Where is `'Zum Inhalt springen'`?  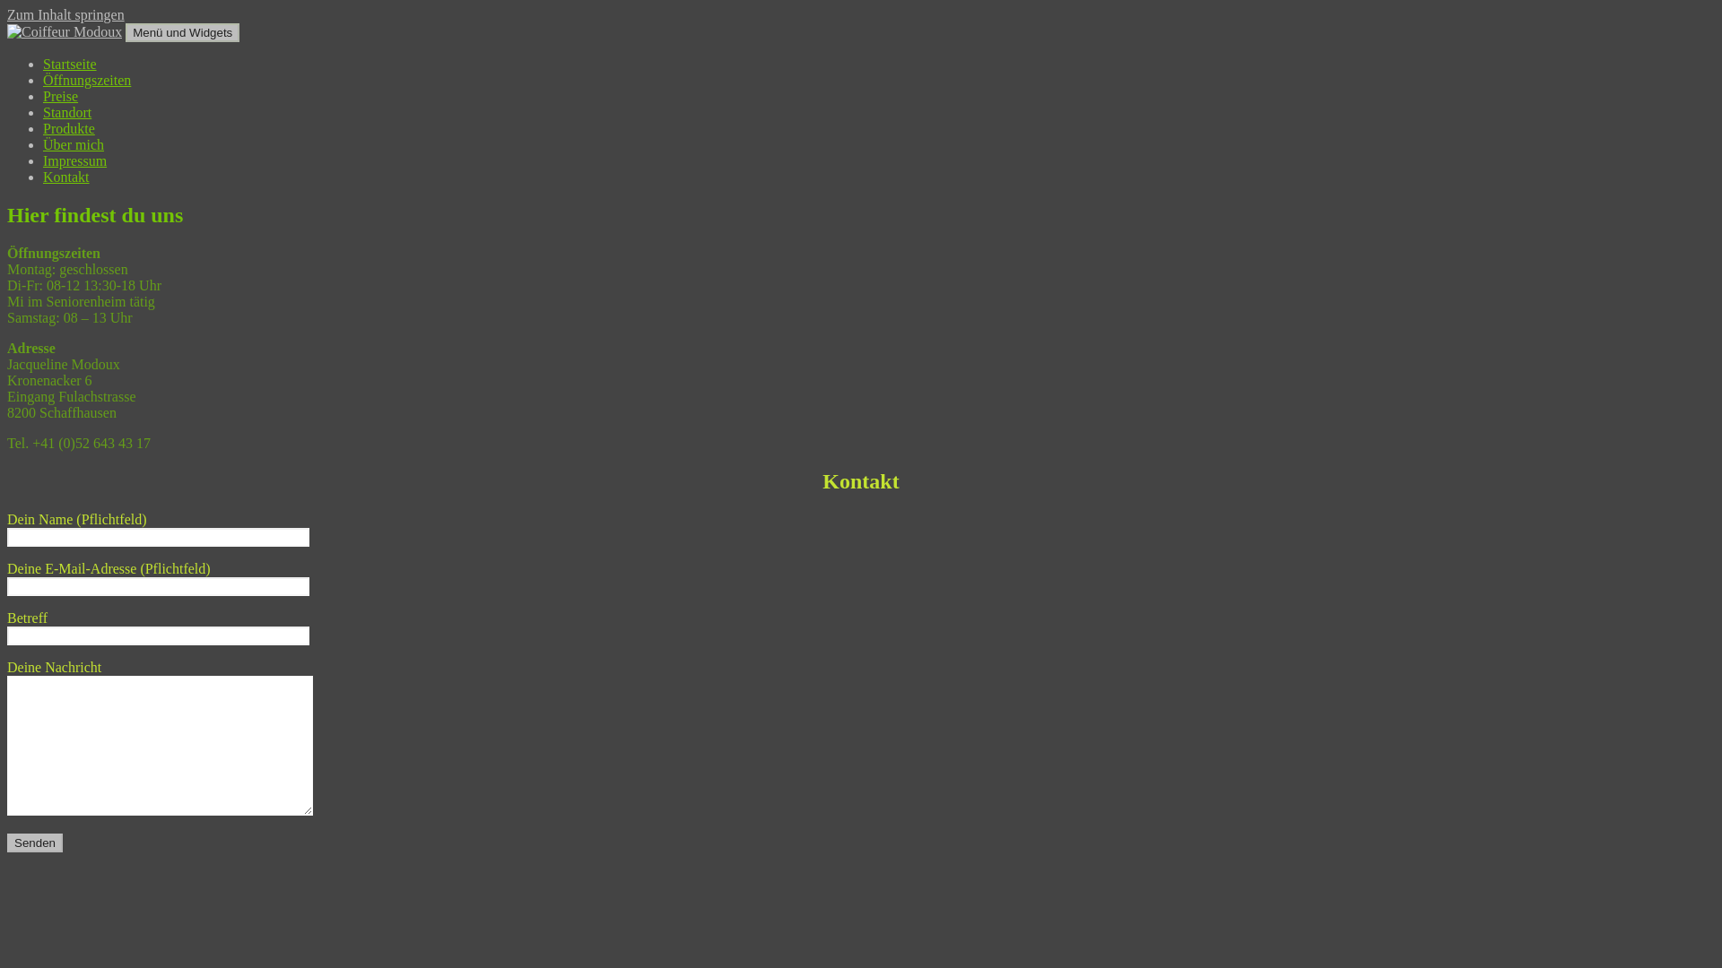 'Zum Inhalt springen' is located at coordinates (7, 14).